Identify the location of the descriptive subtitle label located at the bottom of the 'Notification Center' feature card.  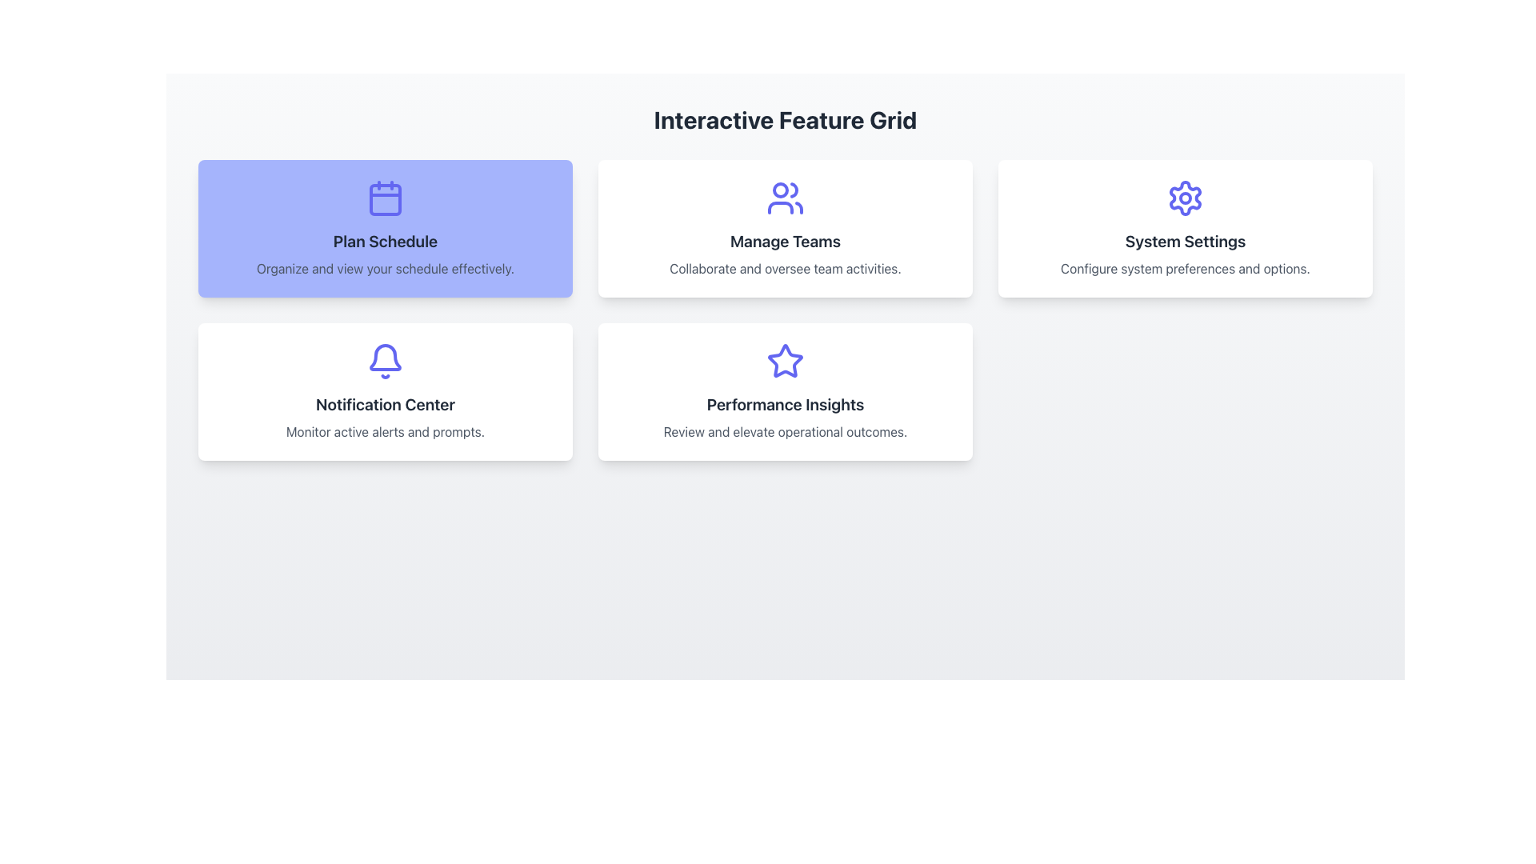
(385, 432).